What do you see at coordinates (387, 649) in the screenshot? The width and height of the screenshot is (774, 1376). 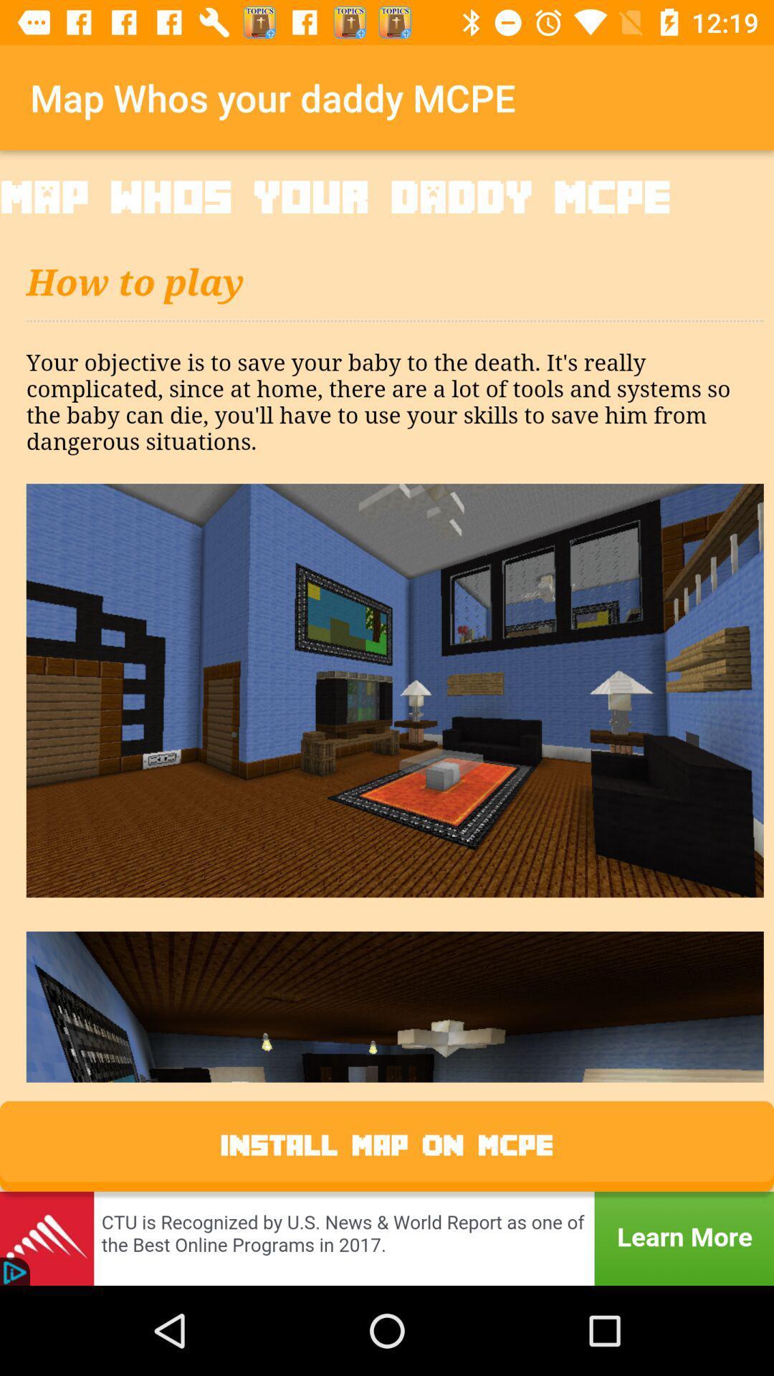 I see `click on icon` at bounding box center [387, 649].